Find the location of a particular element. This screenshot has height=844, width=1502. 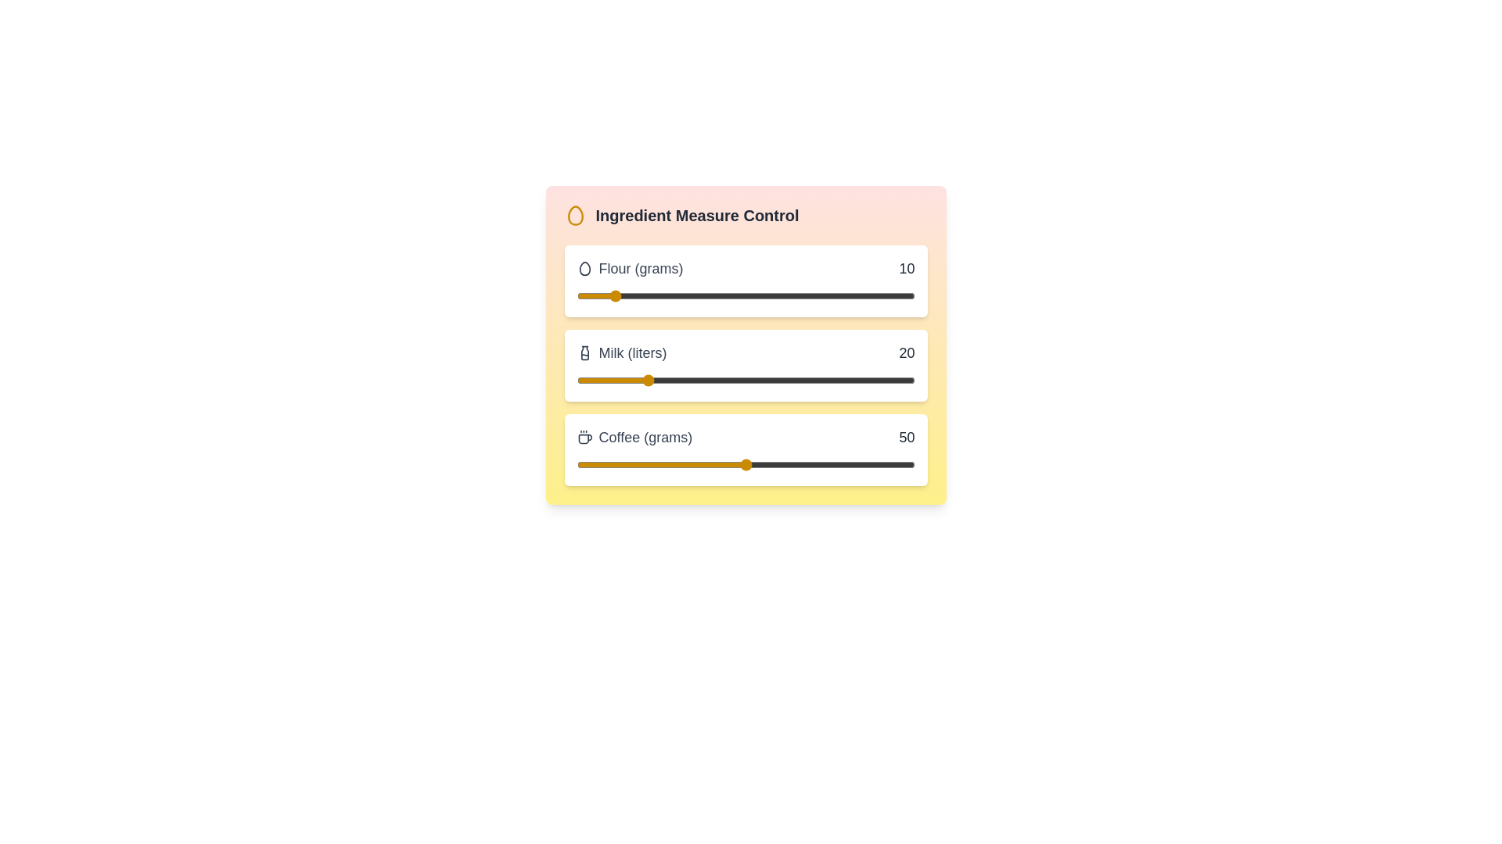

the milk slider is located at coordinates (644, 380).